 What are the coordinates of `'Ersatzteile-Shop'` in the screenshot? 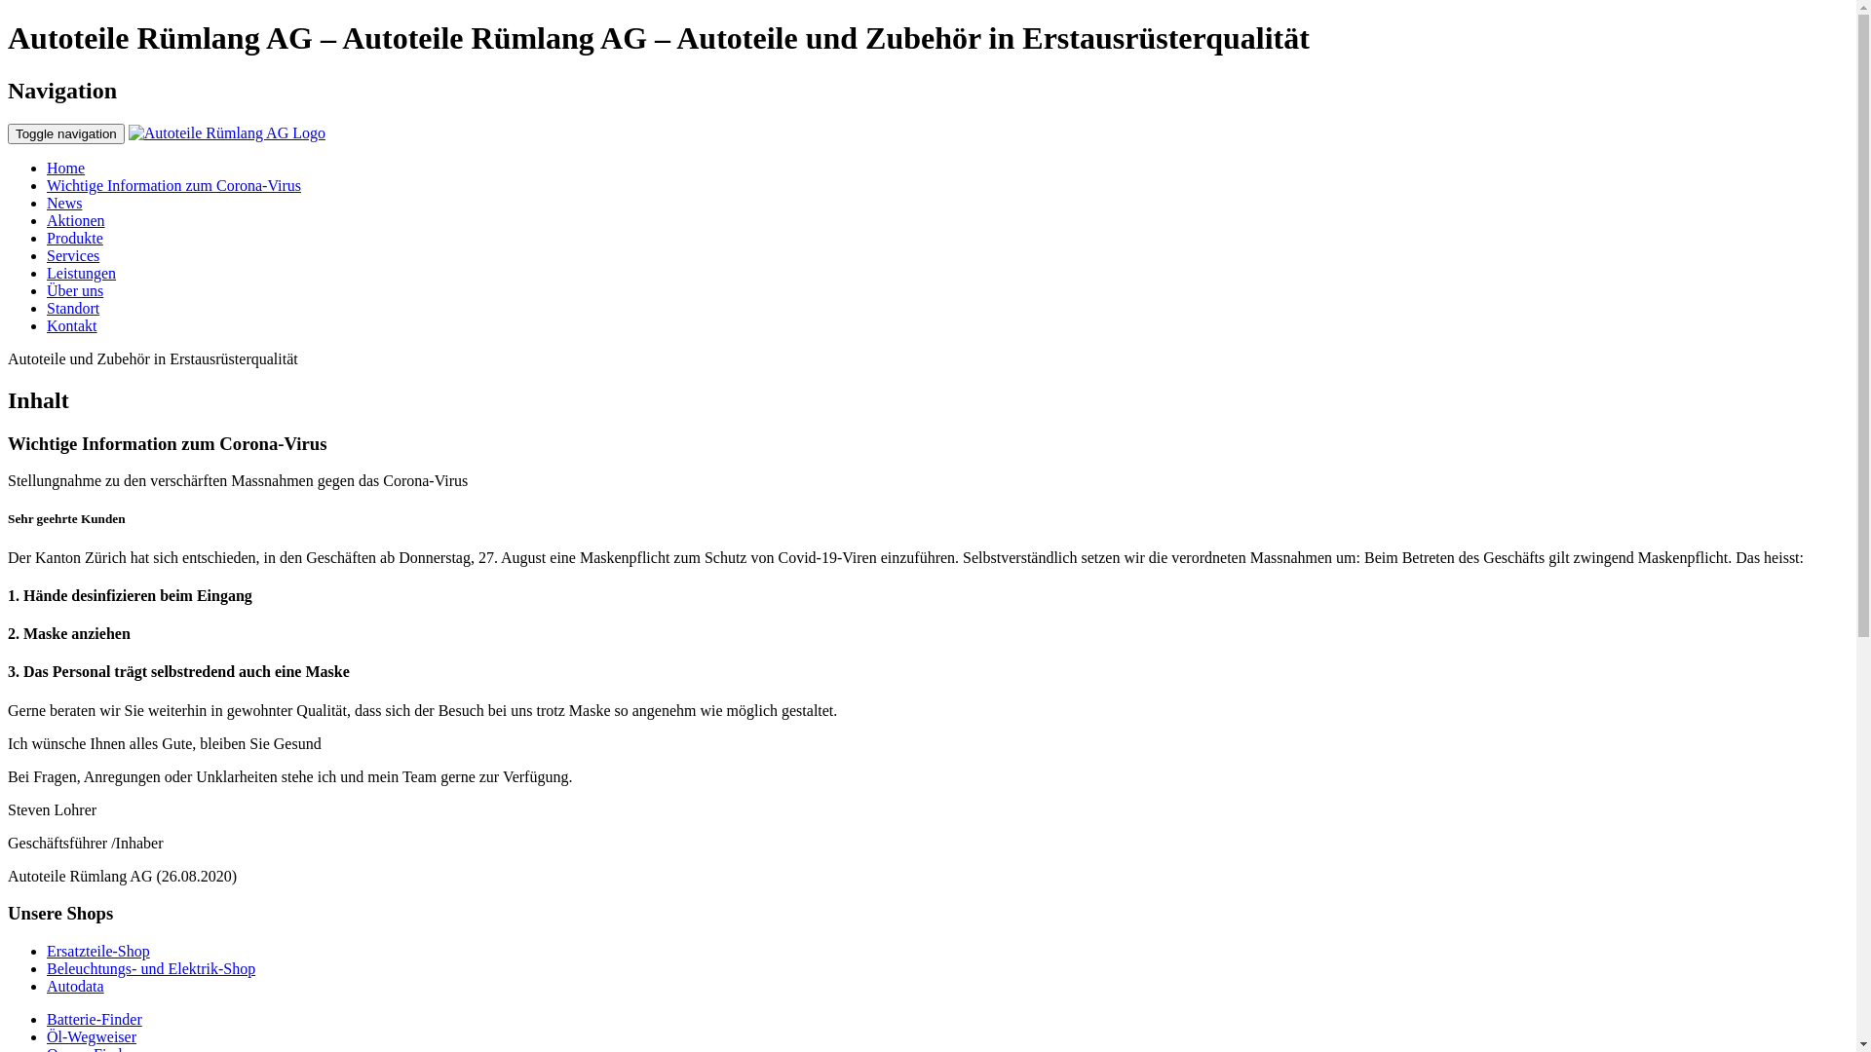 It's located at (47, 950).